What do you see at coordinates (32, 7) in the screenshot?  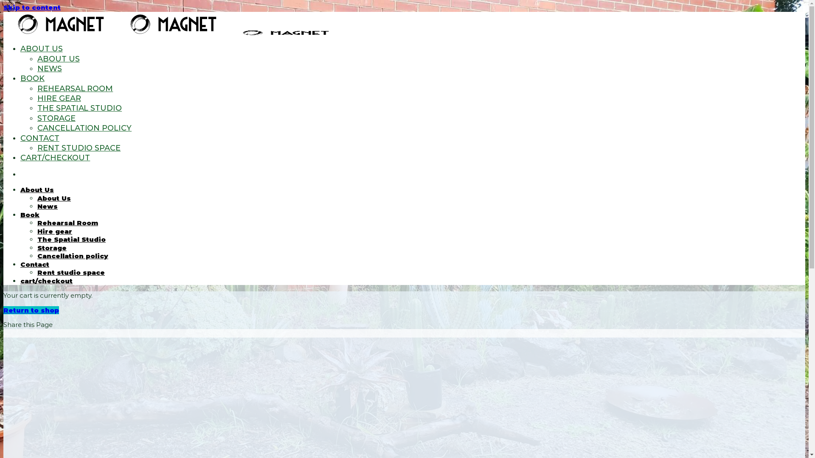 I see `'Skip to content'` at bounding box center [32, 7].